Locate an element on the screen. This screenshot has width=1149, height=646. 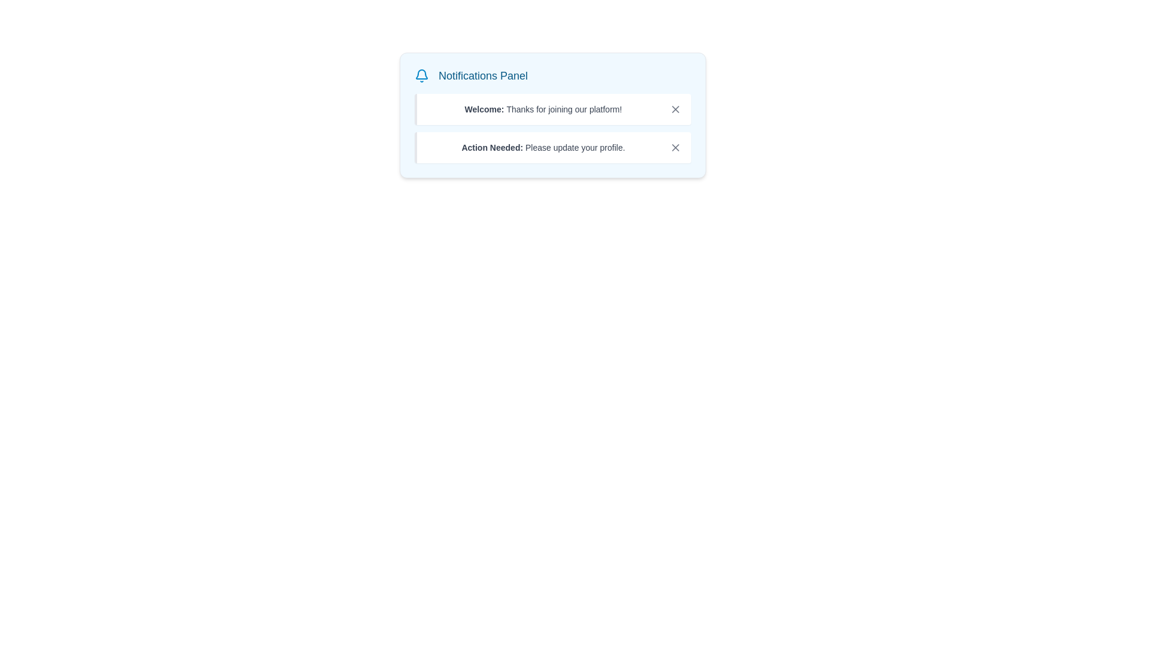
the close icon located on the right side of the 'Welcome: Thanks for joining our platform!' notification is located at coordinates (675, 109).